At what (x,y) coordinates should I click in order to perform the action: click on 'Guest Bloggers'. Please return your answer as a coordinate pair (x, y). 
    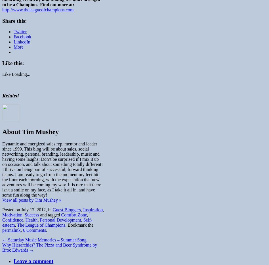
    Looking at the image, I should click on (52, 209).